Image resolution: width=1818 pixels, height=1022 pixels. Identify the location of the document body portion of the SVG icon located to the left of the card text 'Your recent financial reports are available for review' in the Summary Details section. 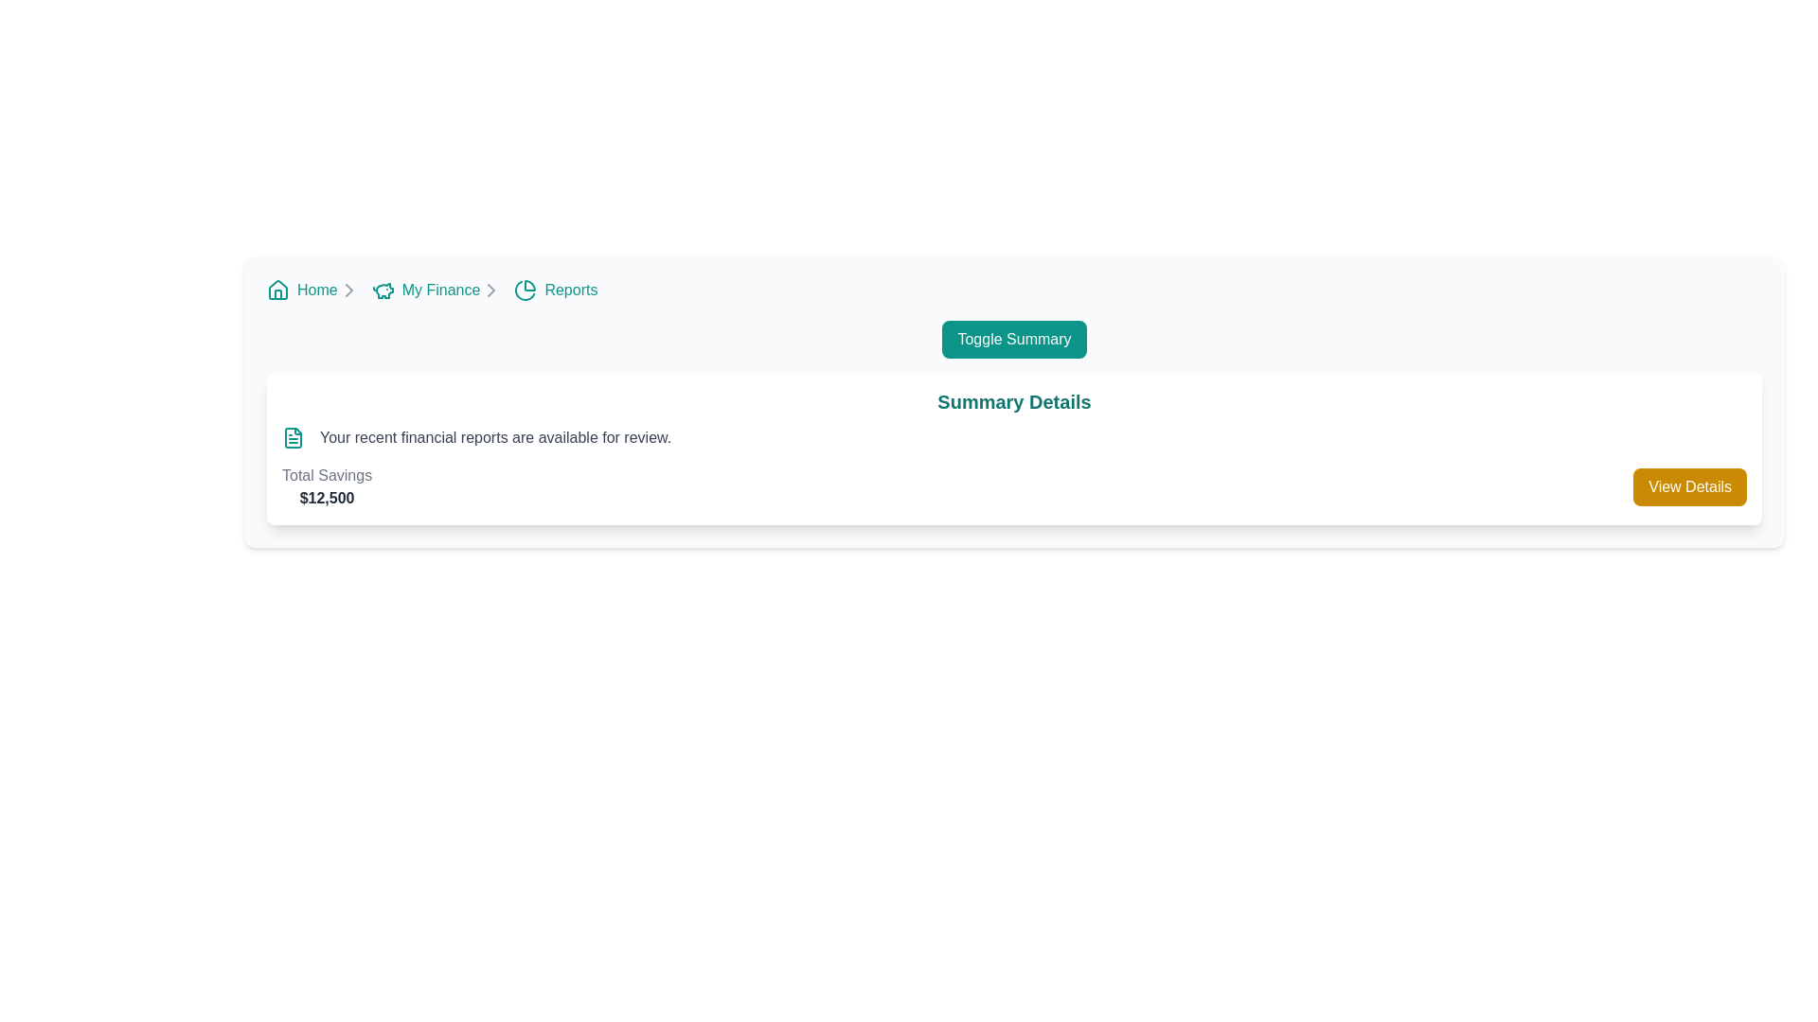
(293, 437).